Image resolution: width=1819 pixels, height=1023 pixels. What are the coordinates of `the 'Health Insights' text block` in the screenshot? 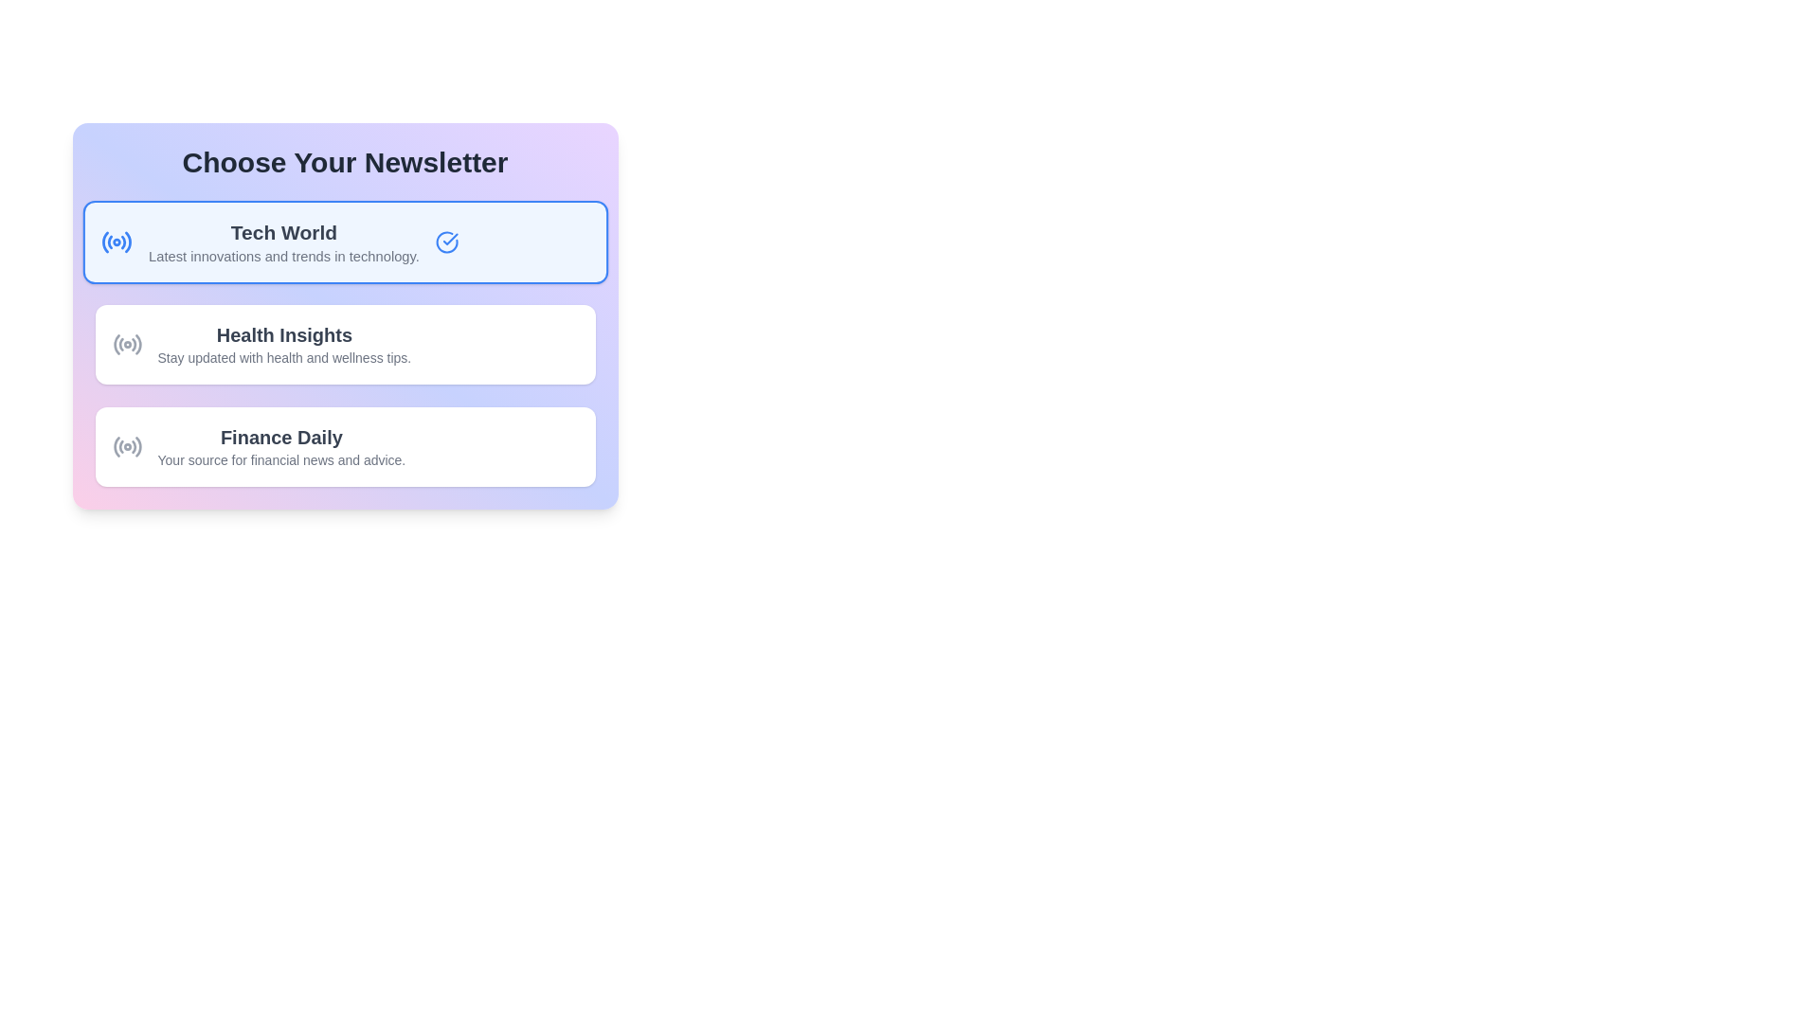 It's located at (283, 344).